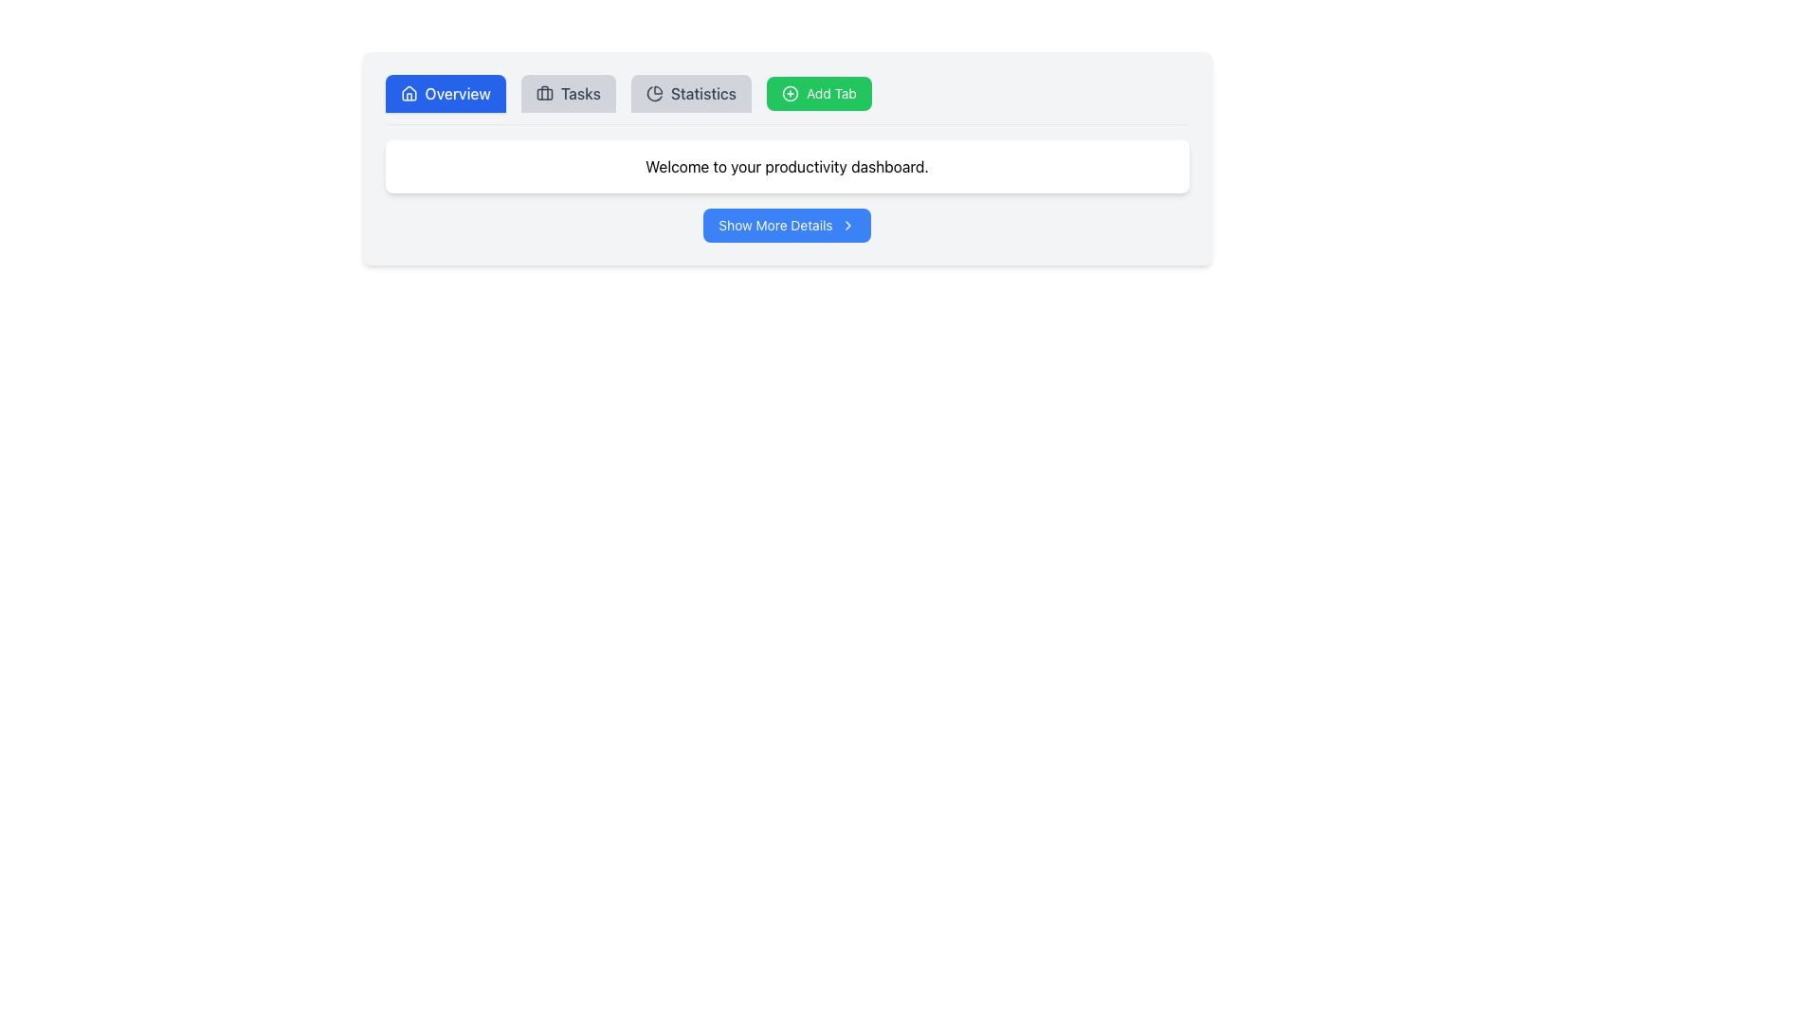 The width and height of the screenshot is (1820, 1024). What do you see at coordinates (543, 94) in the screenshot?
I see `the SVG graphic element that is part of the 'Tasks' button icon located in the toolbar at the top of the page` at bounding box center [543, 94].